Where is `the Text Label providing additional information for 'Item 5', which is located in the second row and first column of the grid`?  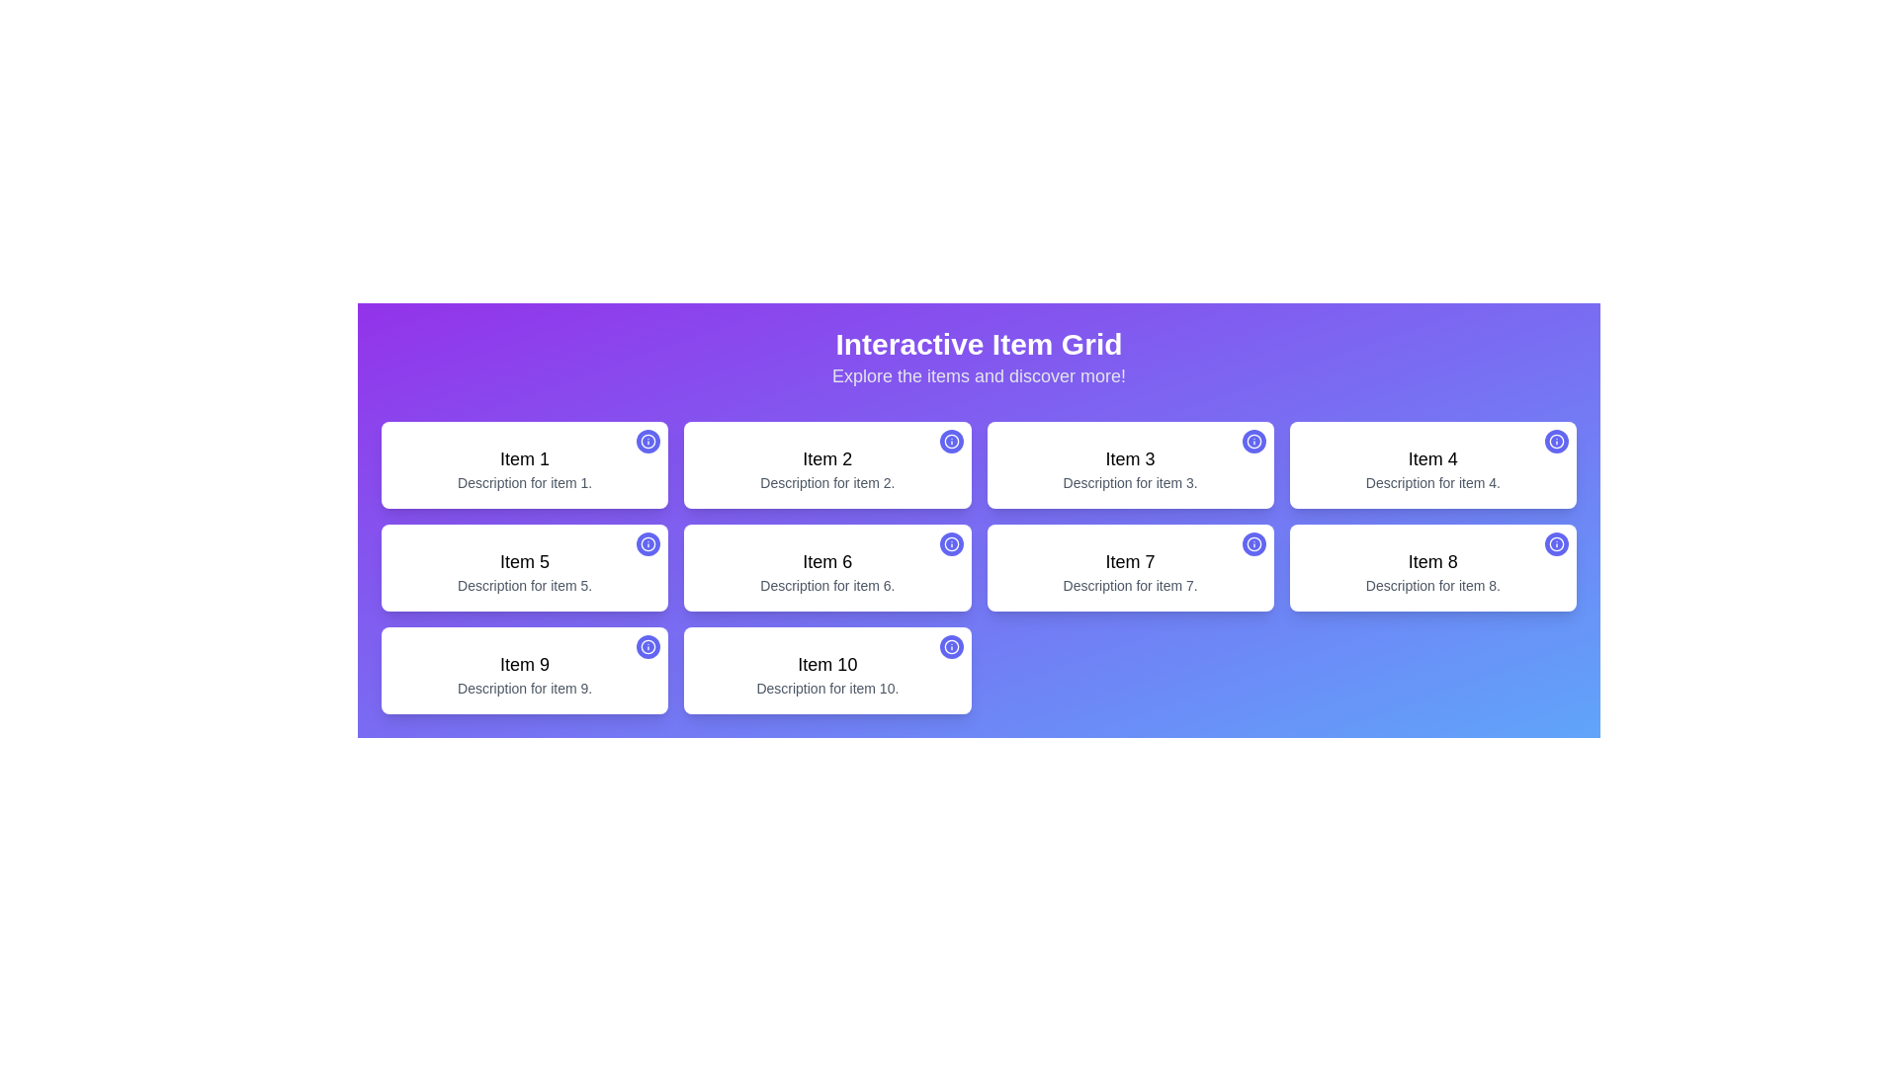 the Text Label providing additional information for 'Item 5', which is located in the second row and first column of the grid is located at coordinates (525, 585).